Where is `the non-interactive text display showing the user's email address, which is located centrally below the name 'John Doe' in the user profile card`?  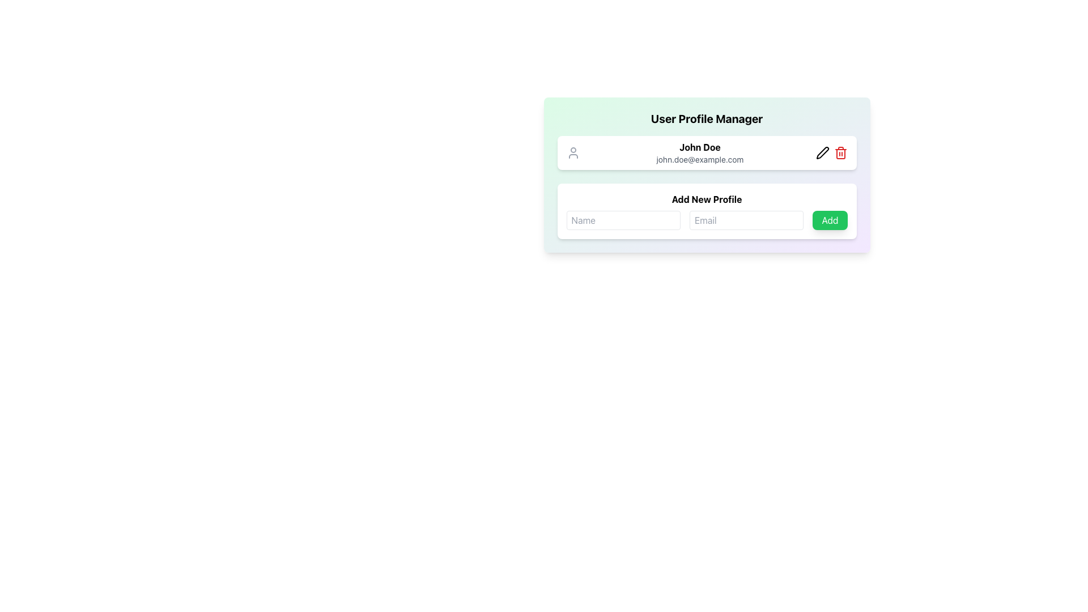 the non-interactive text display showing the user's email address, which is located centrally below the name 'John Doe' in the user profile card is located at coordinates (699, 159).